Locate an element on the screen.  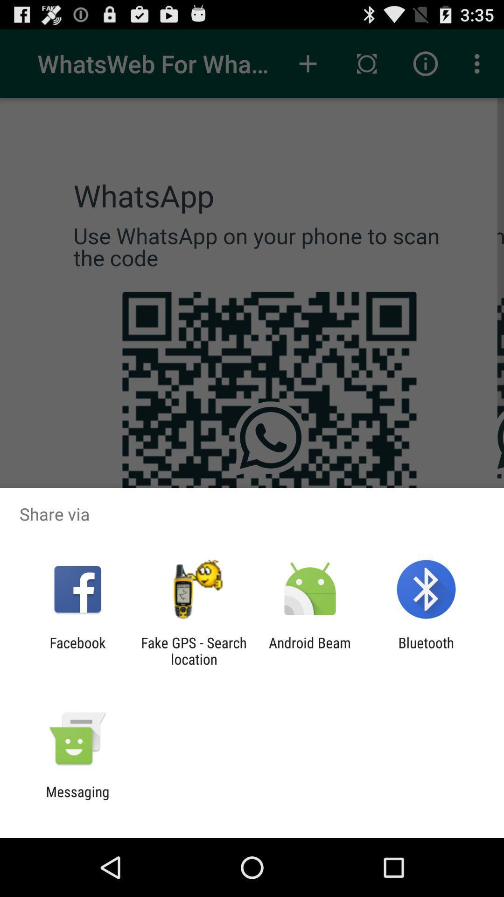
facebook app is located at coordinates (77, 650).